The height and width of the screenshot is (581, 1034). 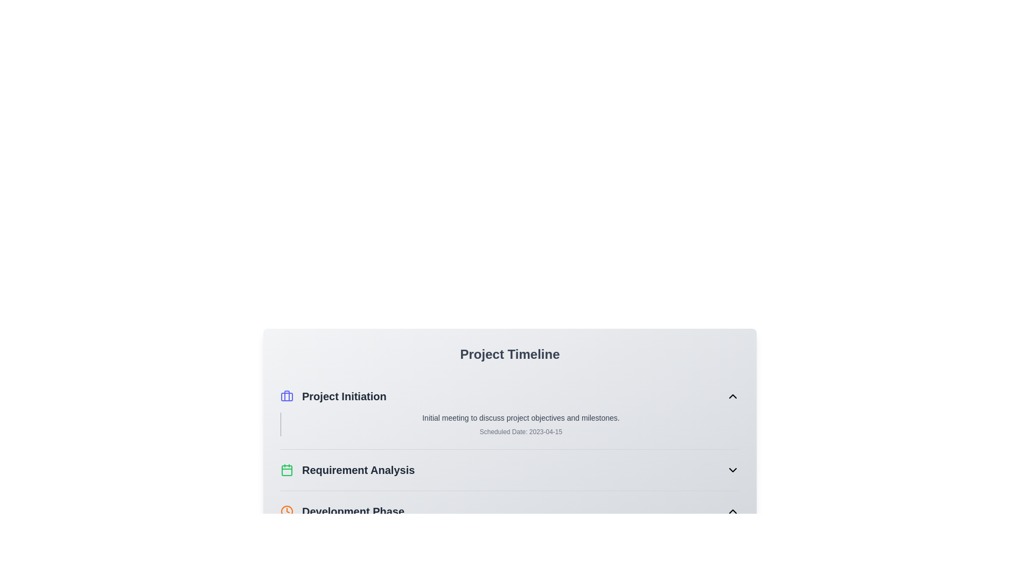 I want to click on the label with an icon at the top of the timeline section, so click(x=333, y=396).